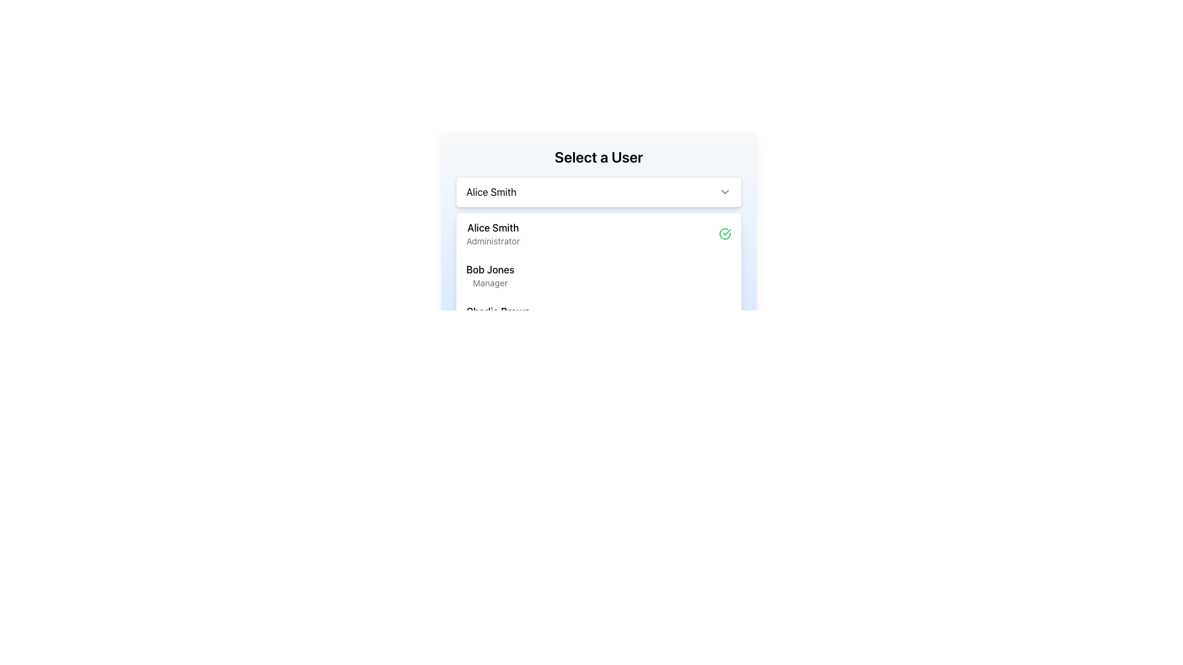 The width and height of the screenshot is (1183, 665). Describe the element at coordinates (725, 234) in the screenshot. I see `the selection status icon for 'Alice Smith', which indicates her selection in the user list` at that location.